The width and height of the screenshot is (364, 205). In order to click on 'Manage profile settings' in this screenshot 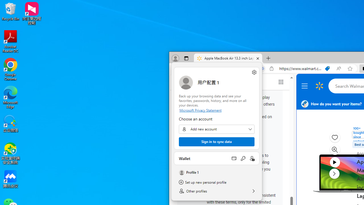, I will do `click(254, 72)`.